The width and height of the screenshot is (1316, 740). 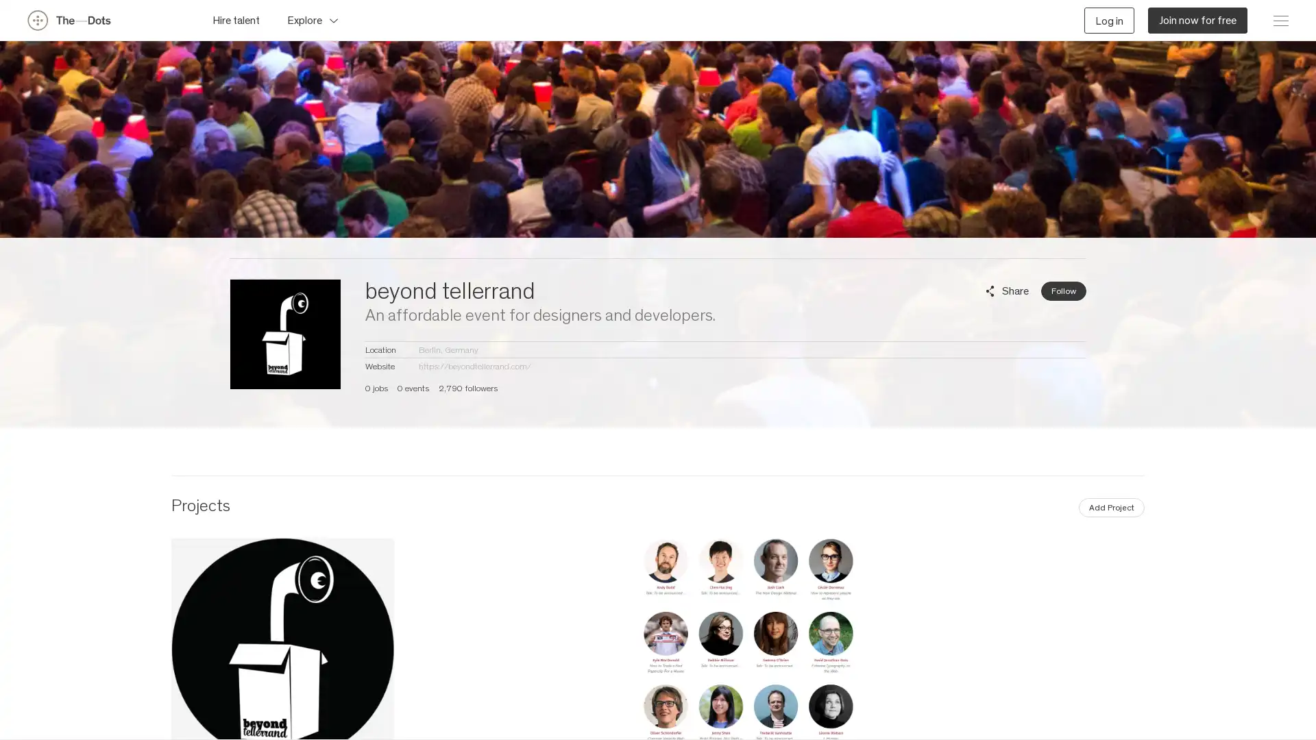 What do you see at coordinates (928, 647) in the screenshot?
I see `Save` at bounding box center [928, 647].